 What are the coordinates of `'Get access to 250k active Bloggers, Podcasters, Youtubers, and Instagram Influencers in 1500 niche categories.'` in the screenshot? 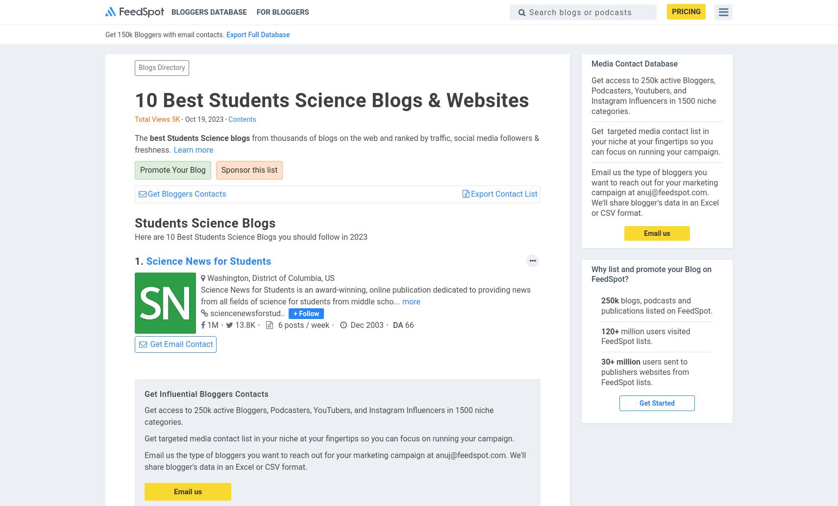 It's located at (653, 95).